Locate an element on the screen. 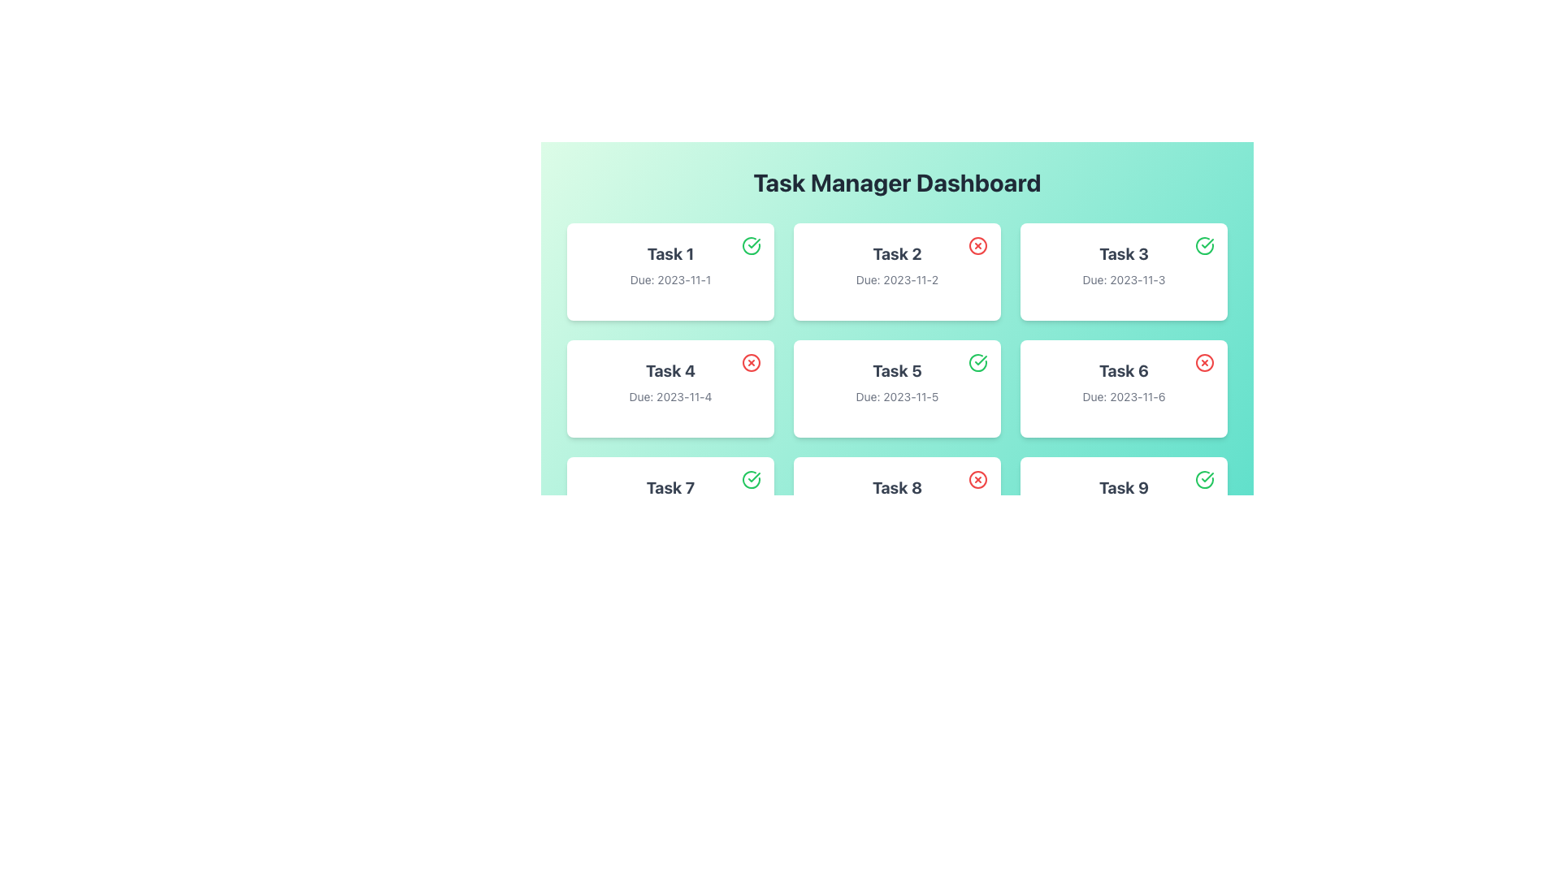 The width and height of the screenshot is (1560, 877). the red circular close icon indicating the status of 'Task 6' on the dashboard interface is located at coordinates (1205, 362).